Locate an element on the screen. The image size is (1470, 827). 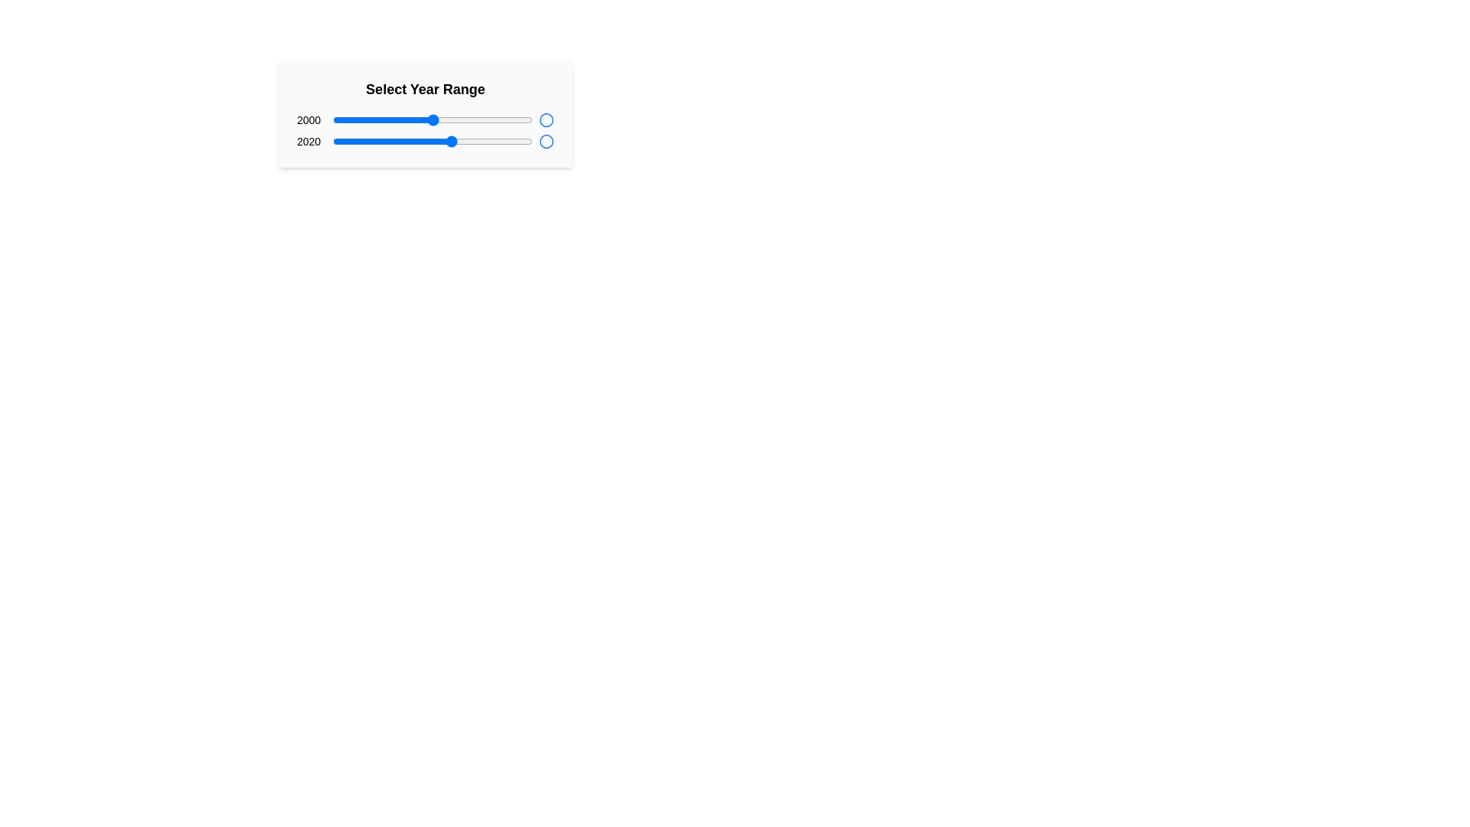
the year slider is located at coordinates (360, 142).